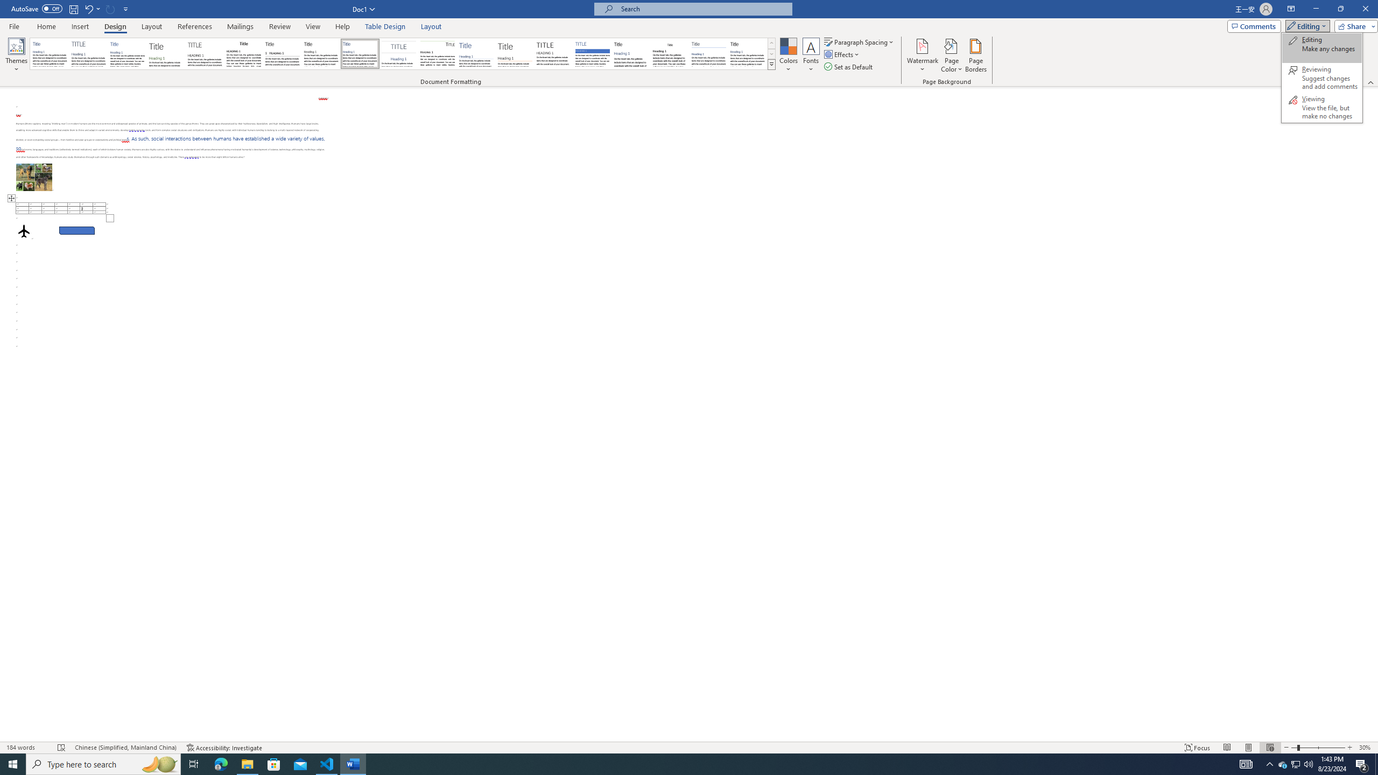 The height and width of the screenshot is (775, 1378). I want to click on 'Set as Default', so click(849, 66).